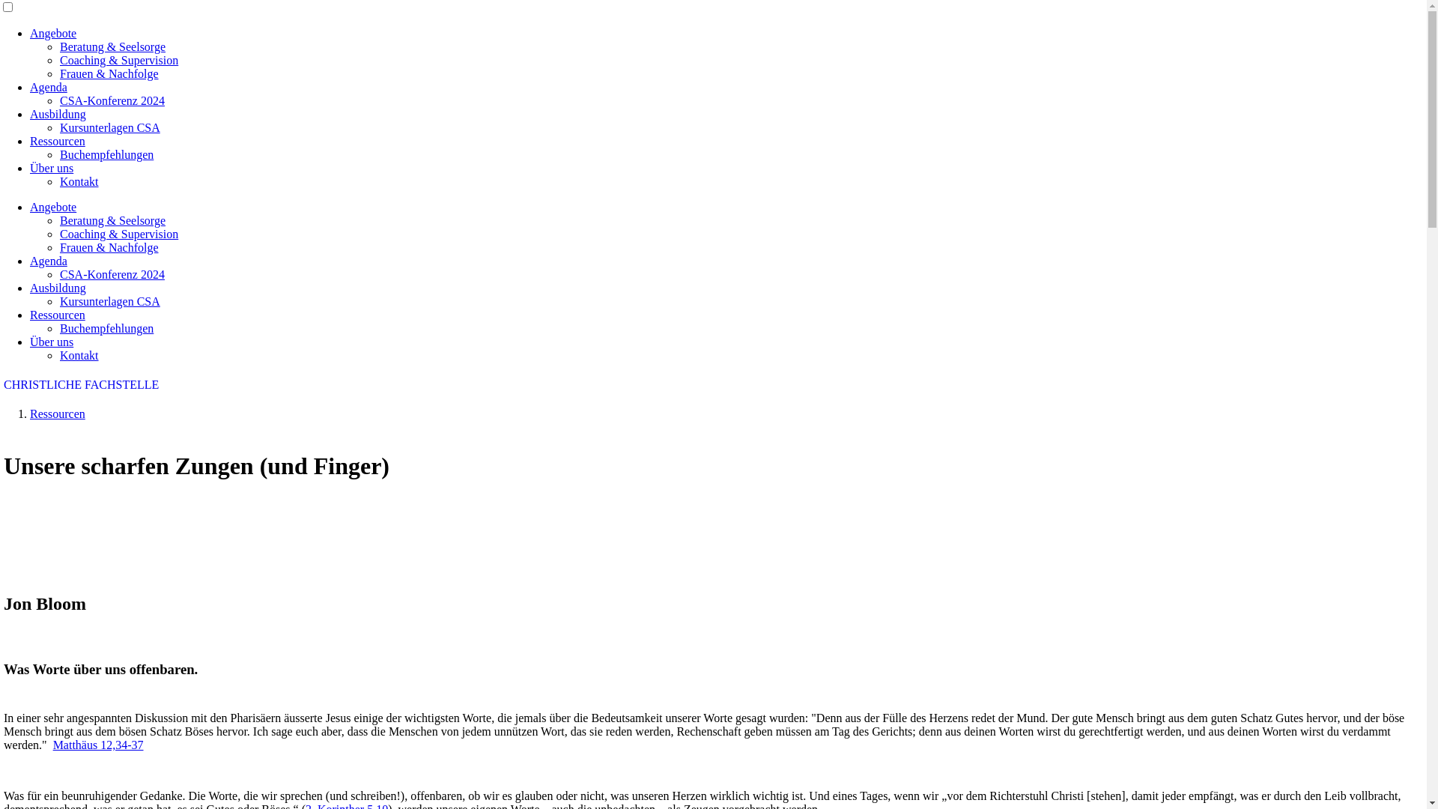  I want to click on 'CSA-Konferenz 2024', so click(60, 274).